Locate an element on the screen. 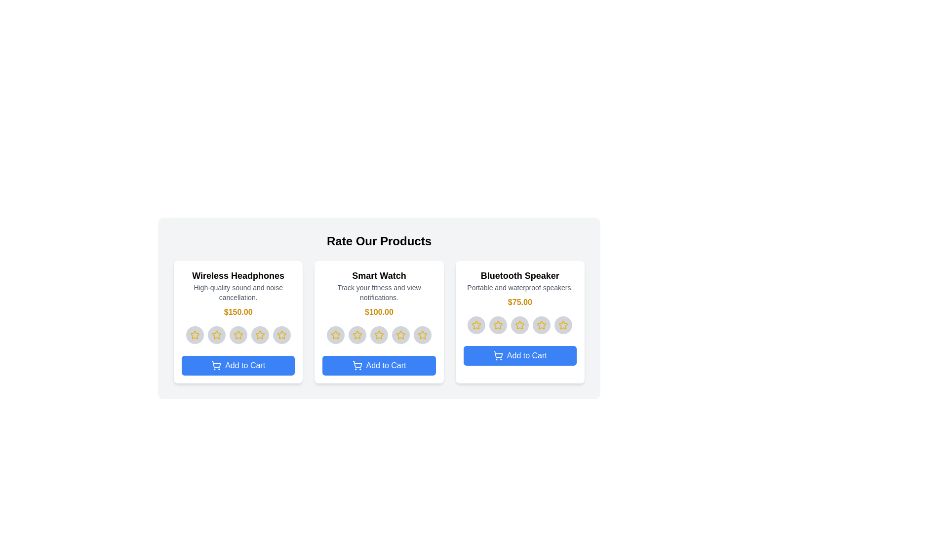 The height and width of the screenshot is (533, 948). the star corresponding to 4 for the product 'Wireless Headphones' is located at coordinates (260, 334).